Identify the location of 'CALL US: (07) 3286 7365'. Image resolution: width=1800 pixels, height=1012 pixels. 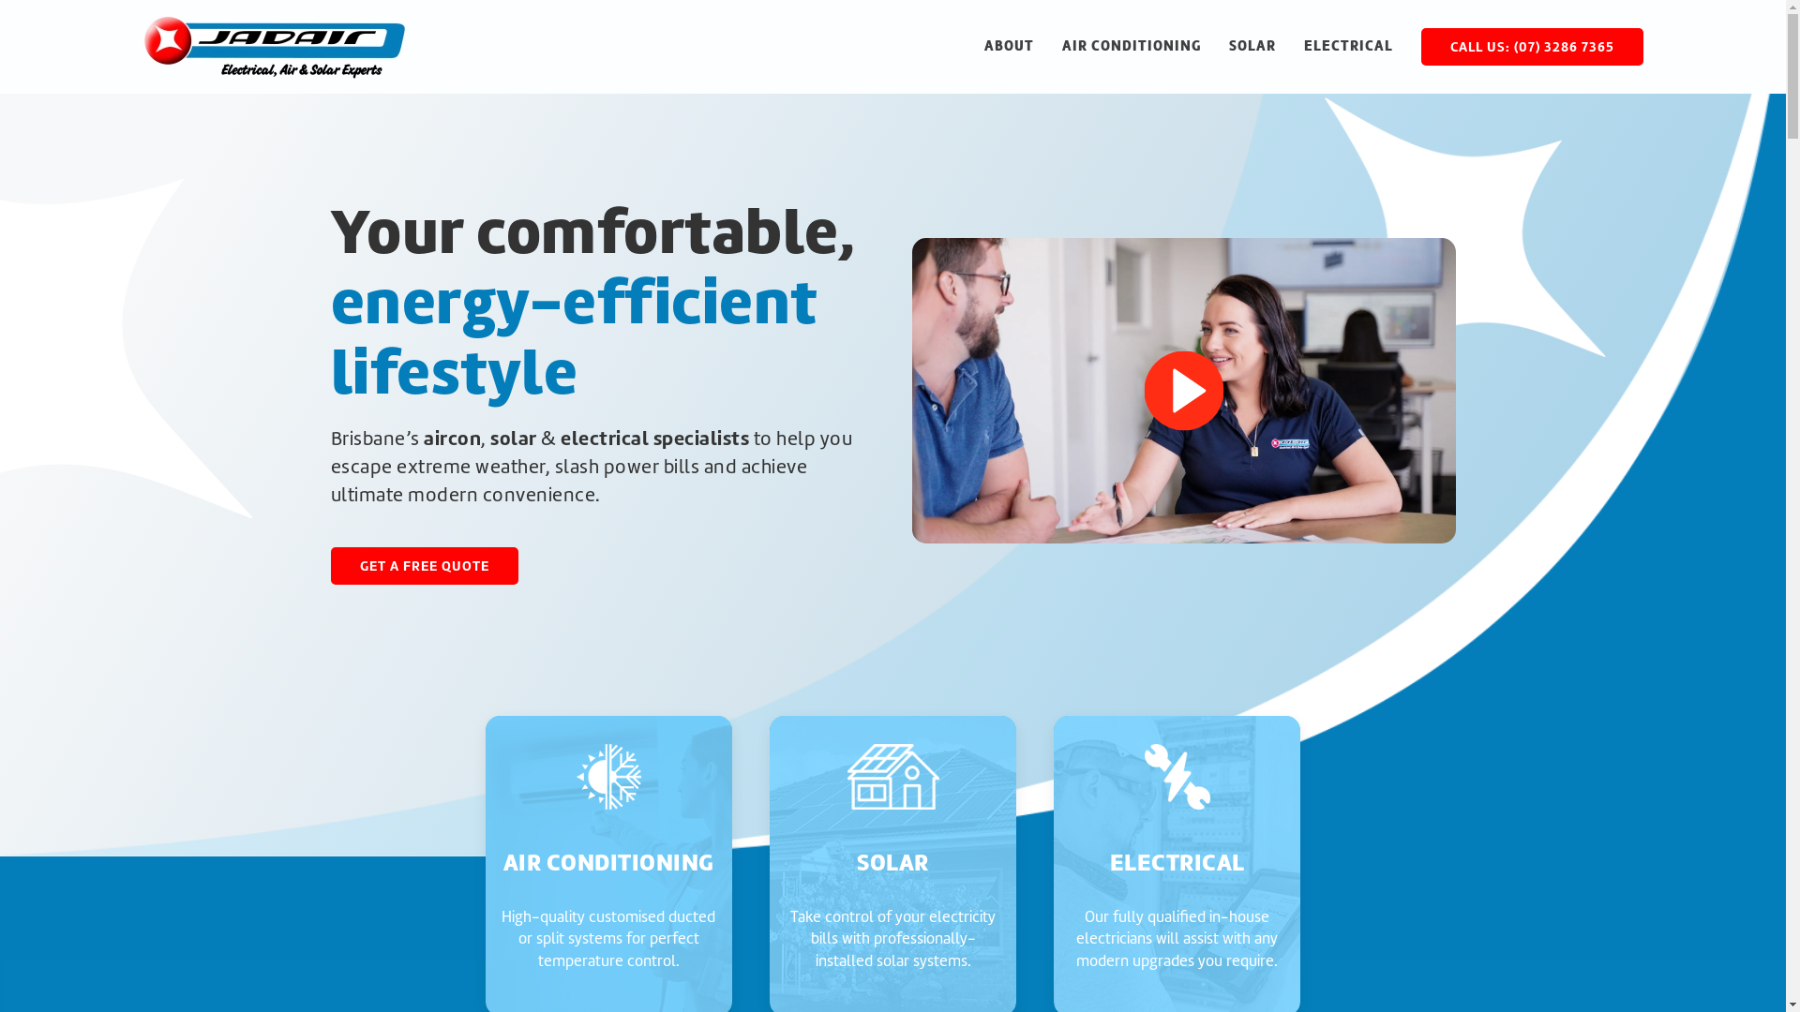
(1532, 46).